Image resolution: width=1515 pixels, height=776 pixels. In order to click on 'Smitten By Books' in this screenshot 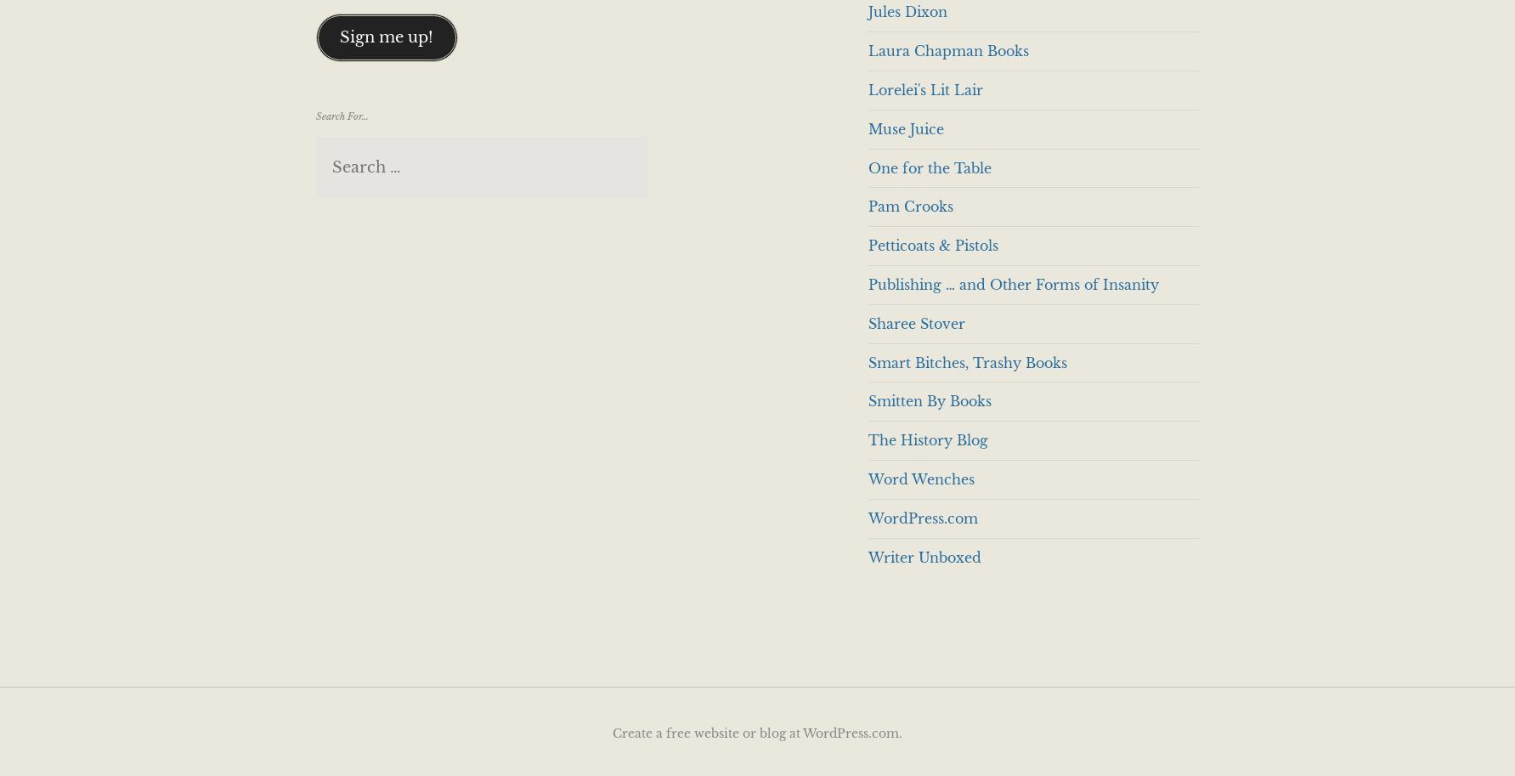, I will do `click(928, 400)`.